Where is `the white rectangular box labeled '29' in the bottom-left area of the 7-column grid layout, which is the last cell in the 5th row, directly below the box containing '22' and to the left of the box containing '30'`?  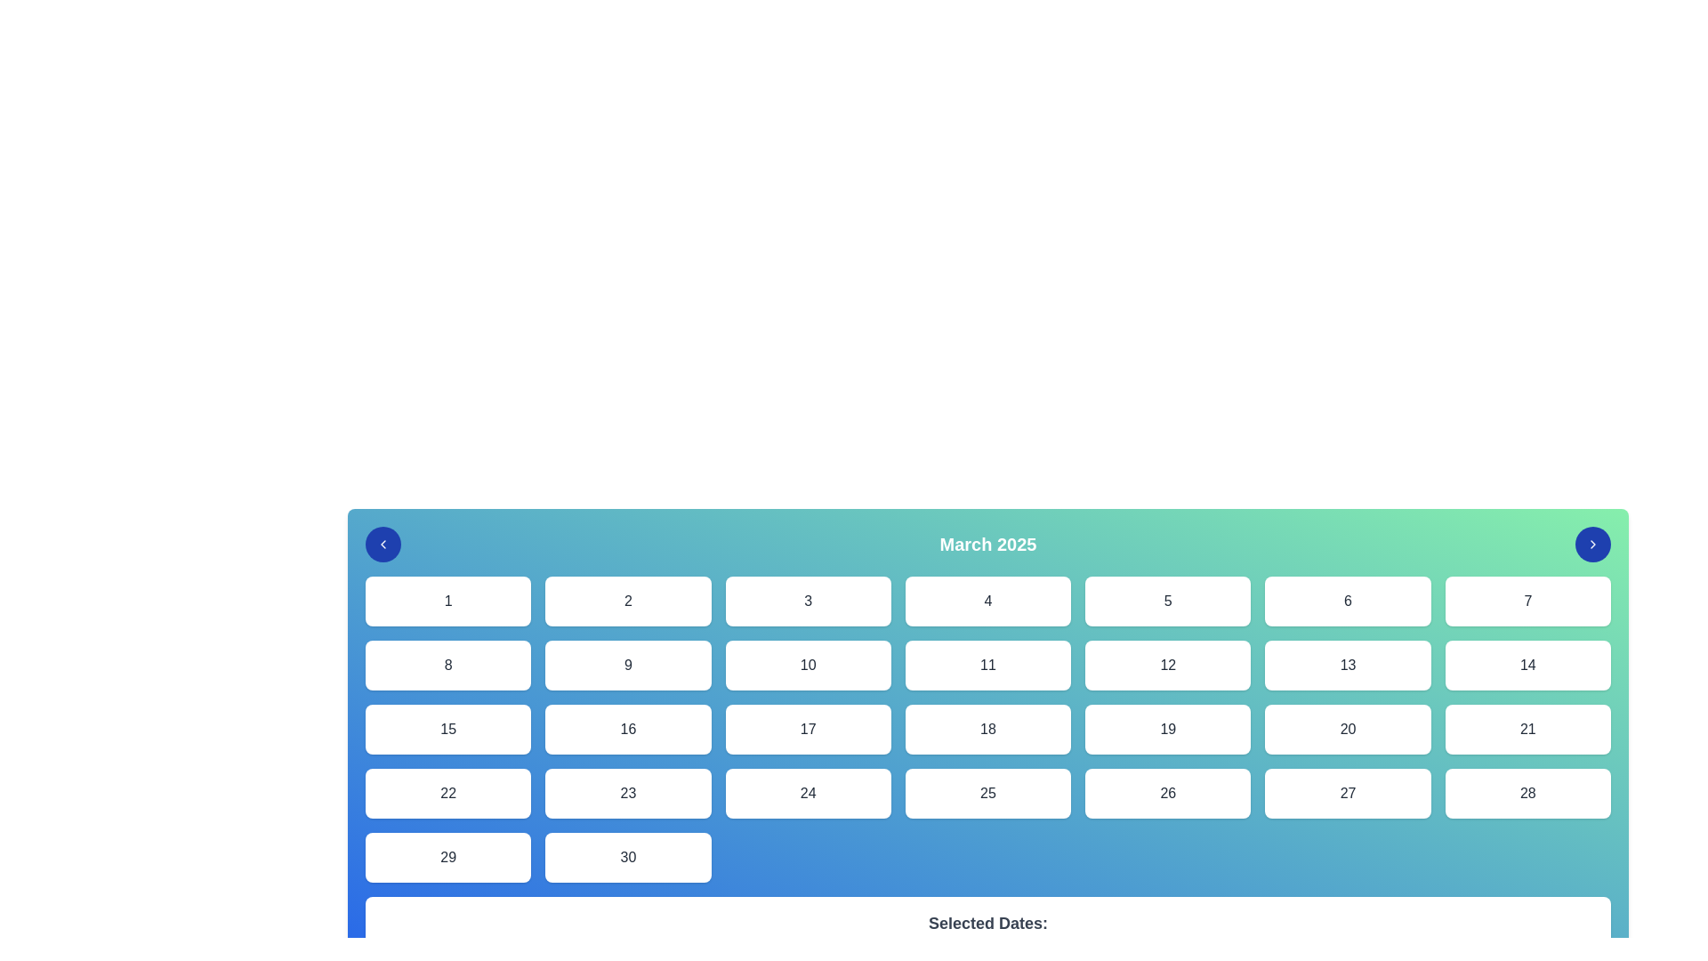 the white rectangular box labeled '29' in the bottom-left area of the 7-column grid layout, which is the last cell in the 5th row, directly below the box containing '22' and to the left of the box containing '30' is located at coordinates (448, 857).